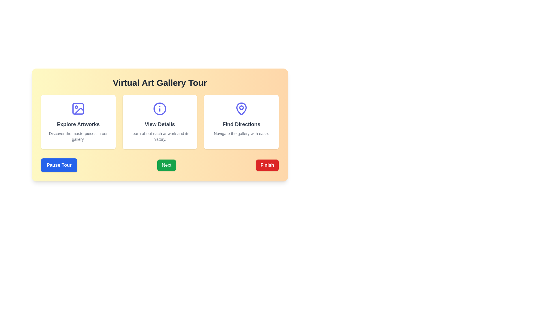  I want to click on static text element located at the bottom of the section associated with the 'Find Directions' button in the rightmost panel of the interface, so click(241, 133).